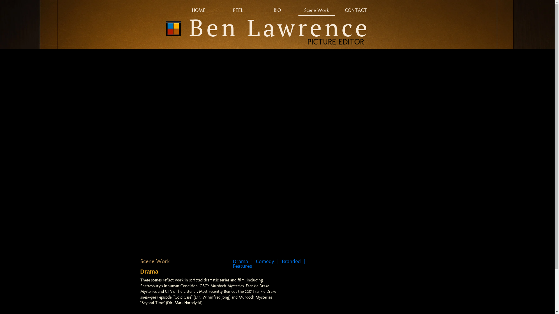  Describe the element at coordinates (240, 261) in the screenshot. I see `'Drama'` at that location.